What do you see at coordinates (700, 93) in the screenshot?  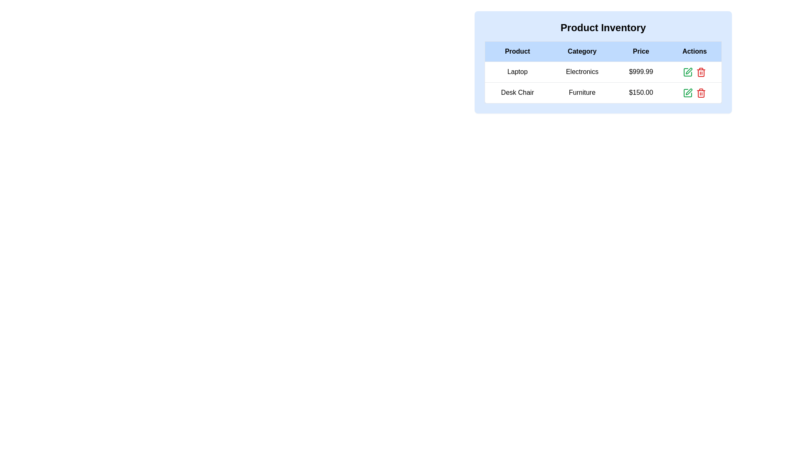 I see `the delete icon in the 'Actions' column of the second row in the 'Product Inventory' table` at bounding box center [700, 93].